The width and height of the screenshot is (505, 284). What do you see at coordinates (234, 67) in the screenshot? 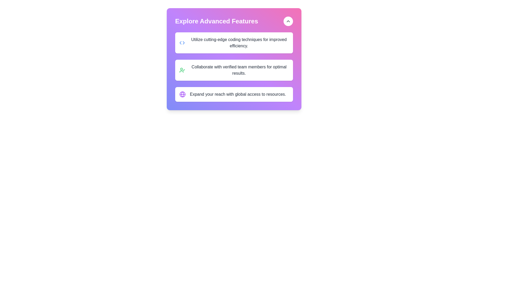
I see `the icons on the 'Explore Advanced Features' informational panel to retrieve more information about improving coding efficiency, optimized team collaboration, and global resource access` at bounding box center [234, 67].